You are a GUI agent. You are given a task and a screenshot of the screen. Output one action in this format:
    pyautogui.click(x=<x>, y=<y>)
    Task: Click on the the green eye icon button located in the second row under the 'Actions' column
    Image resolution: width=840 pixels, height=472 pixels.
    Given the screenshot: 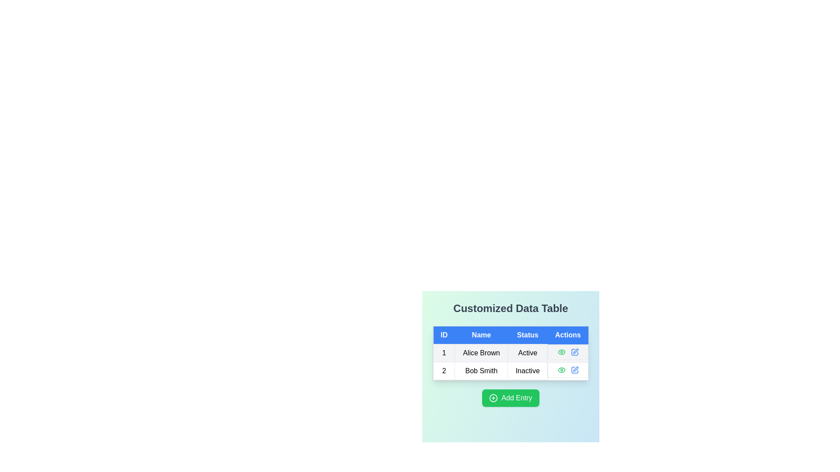 What is the action you would take?
    pyautogui.click(x=561, y=370)
    